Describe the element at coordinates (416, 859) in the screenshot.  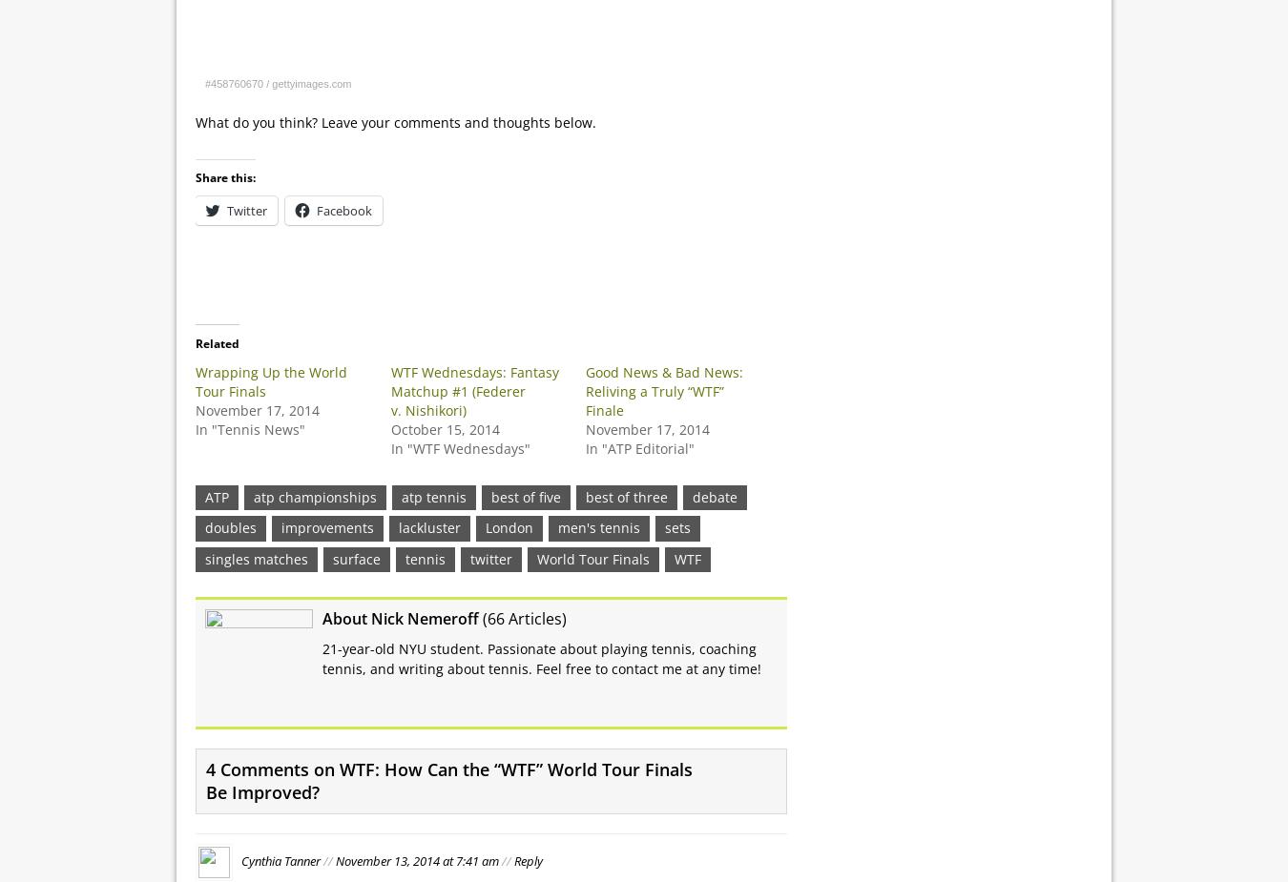
I see `'November 13, 2014 at 7:41 am'` at that location.